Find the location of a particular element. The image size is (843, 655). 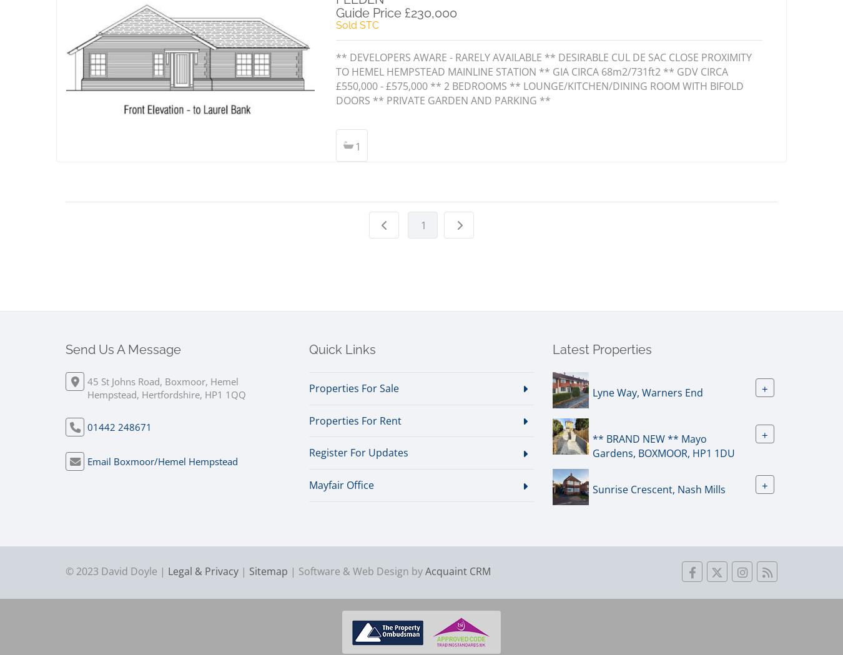

'Details' is located at coordinates (194, 117).